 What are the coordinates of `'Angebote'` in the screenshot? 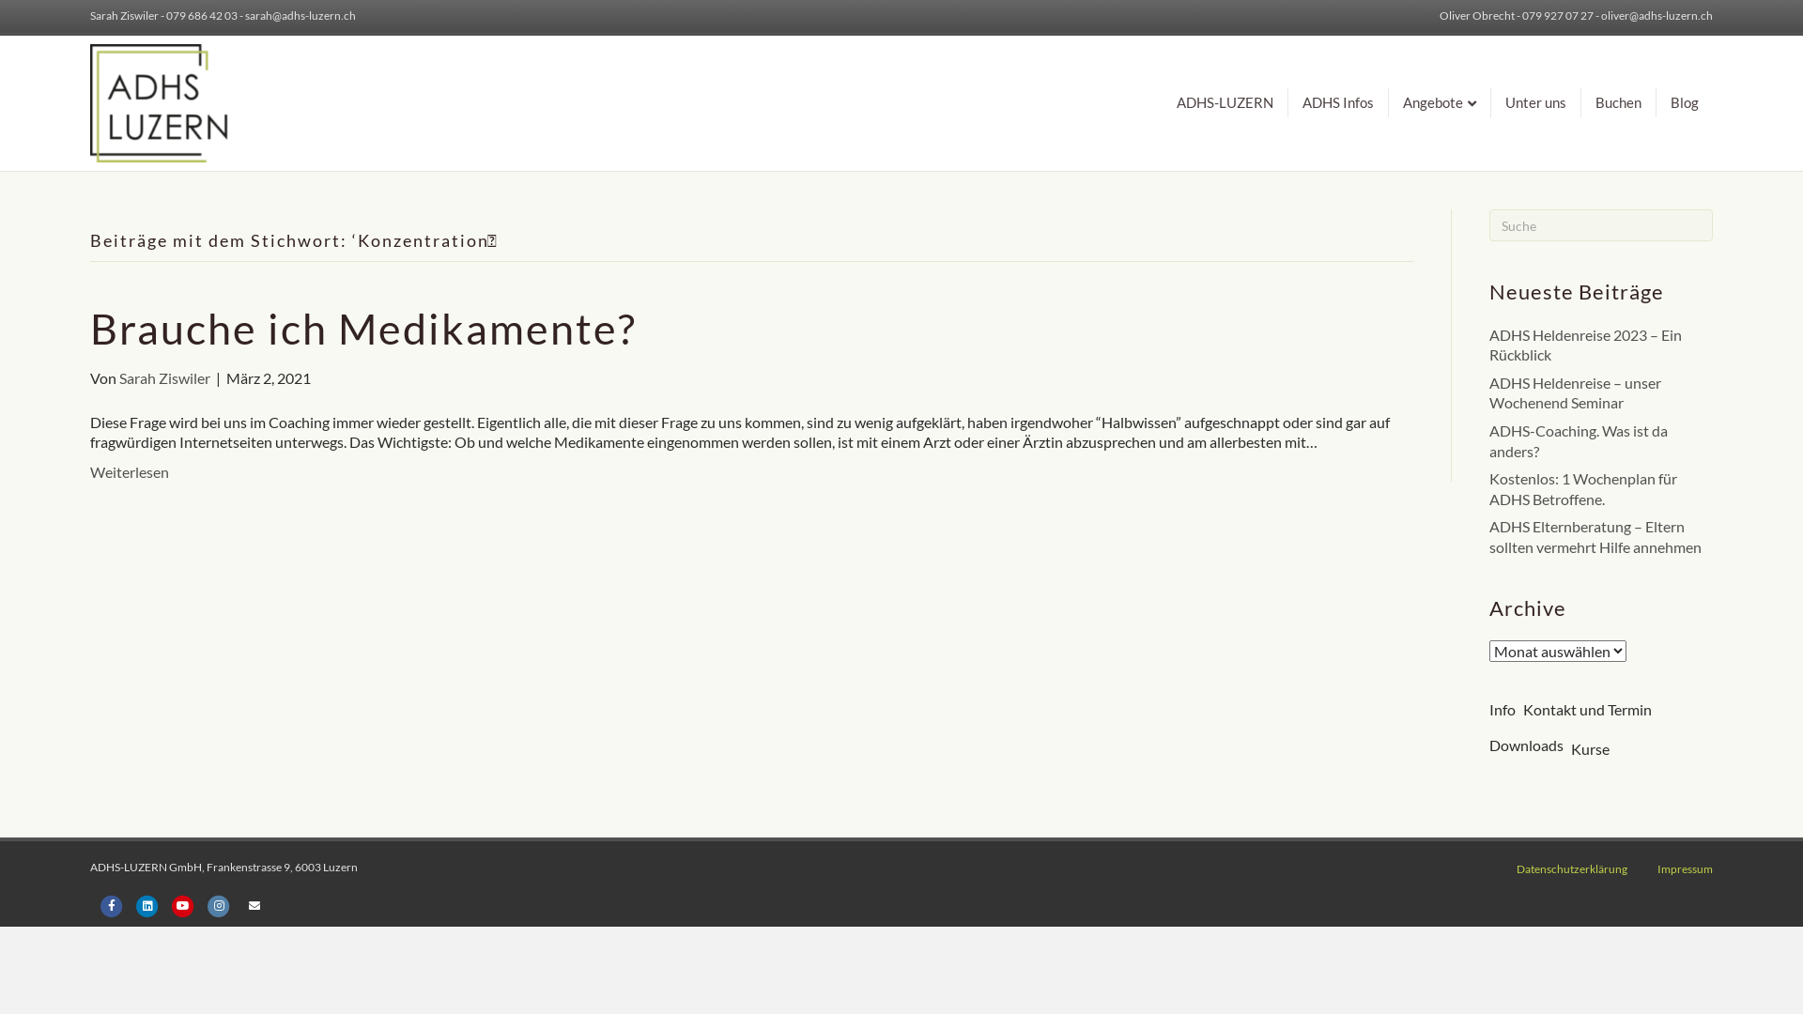 It's located at (1439, 103).